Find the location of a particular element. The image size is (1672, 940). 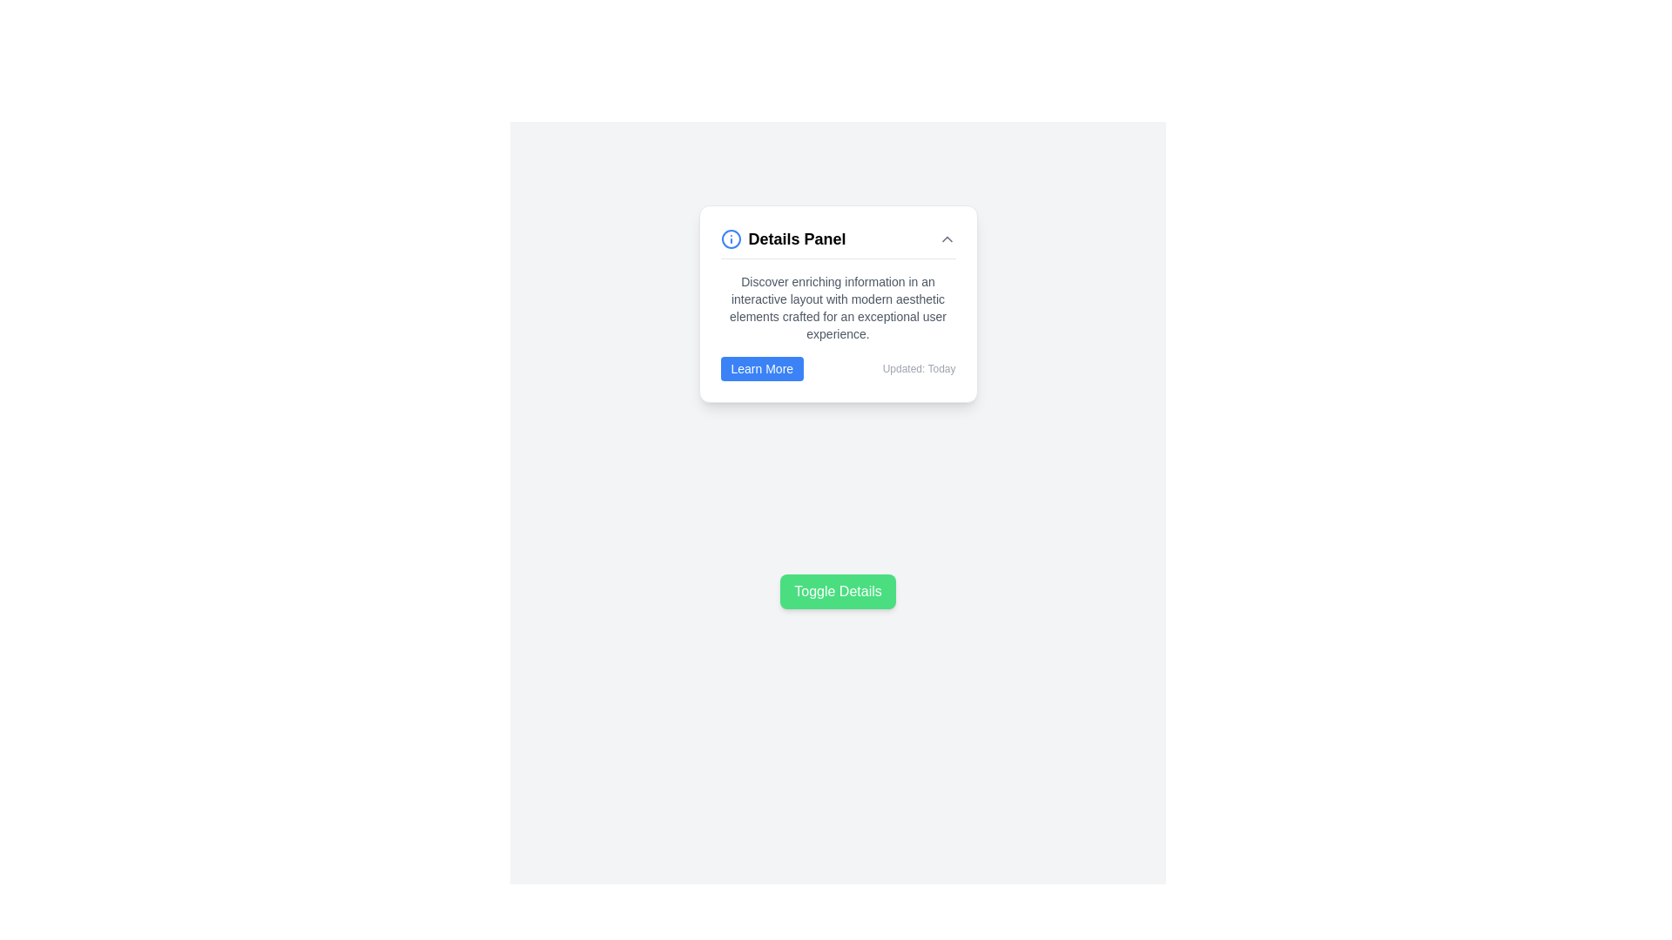

the triangle-shaped icon button resembling an upward chevron, located in the top-right corner of the 'Details Panel' header for interactions is located at coordinates (946, 238).